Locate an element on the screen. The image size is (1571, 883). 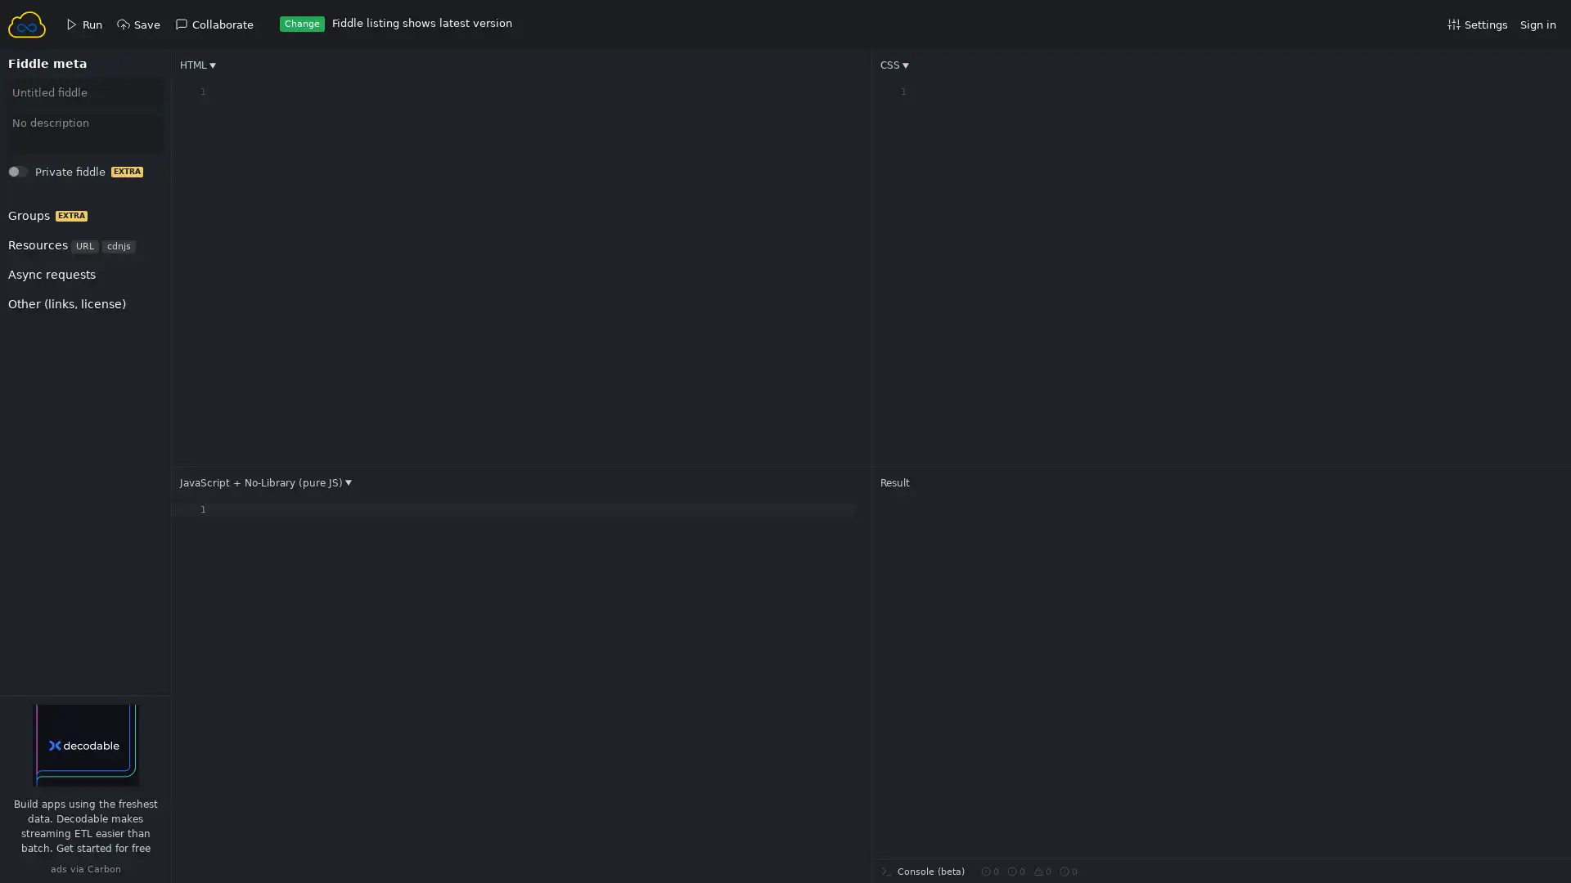
Save is located at coordinates (34, 176).